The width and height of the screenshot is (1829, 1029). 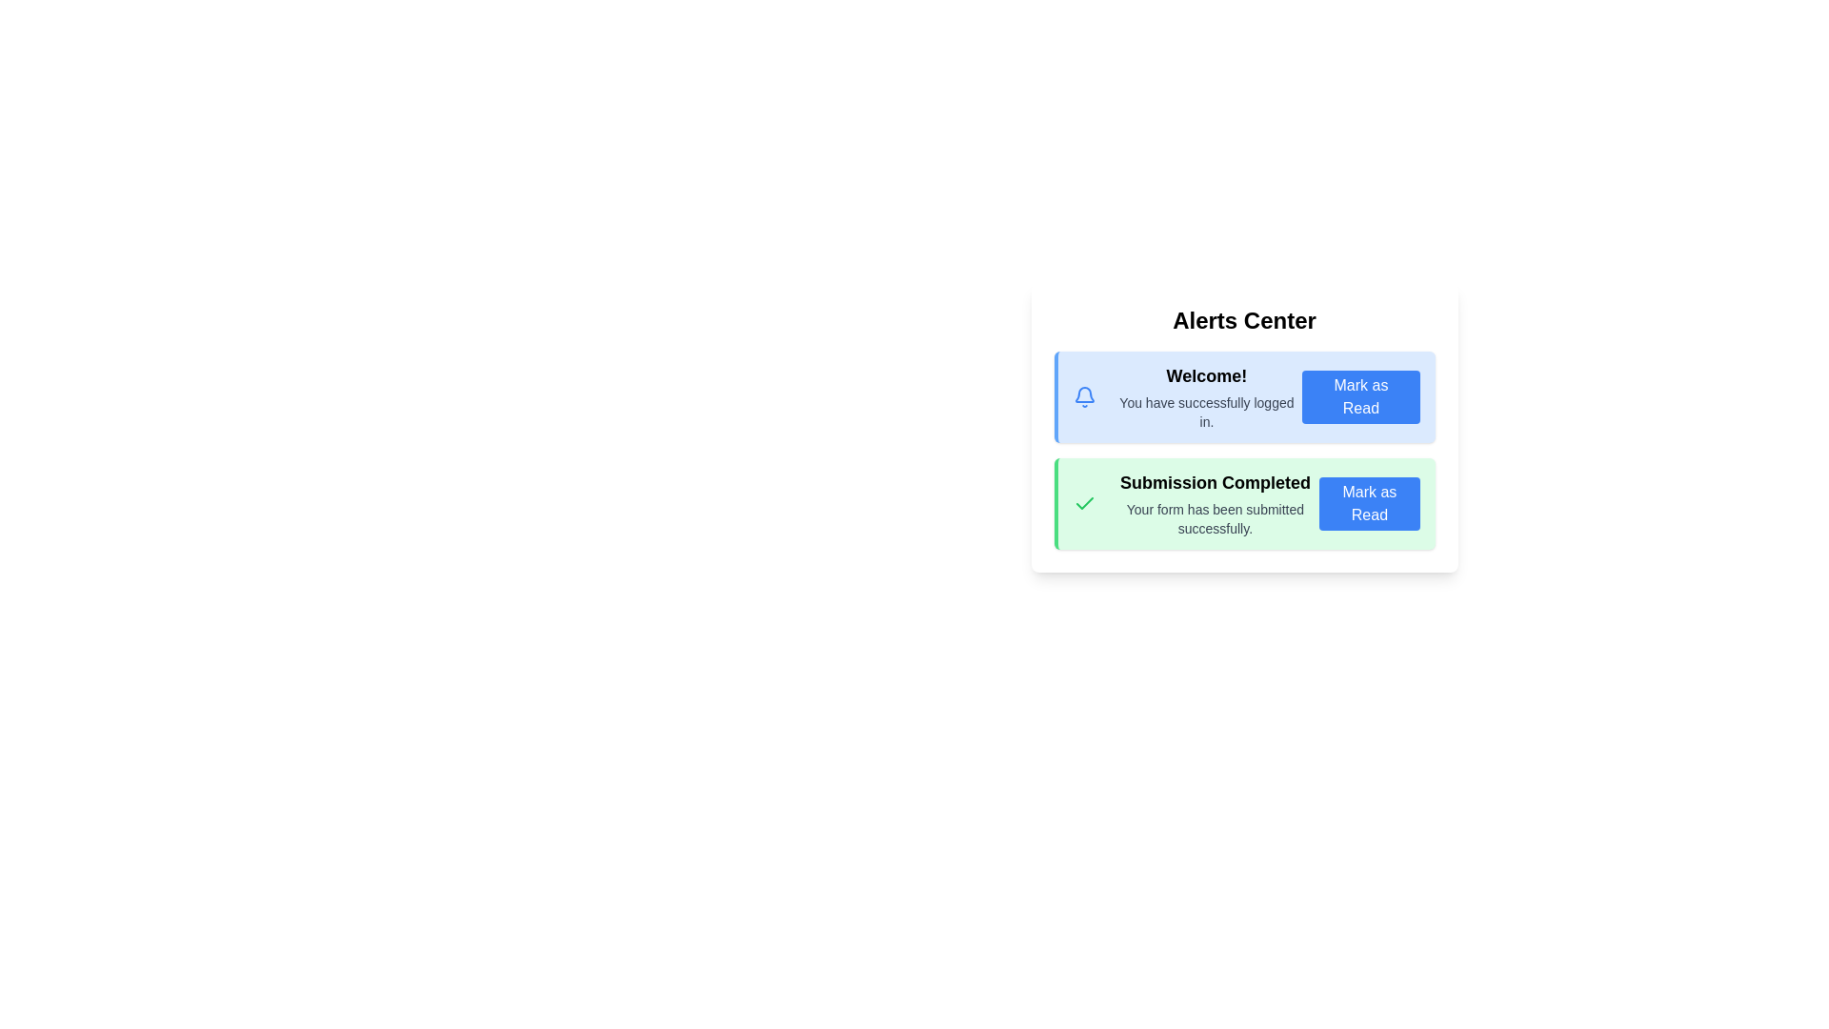 I want to click on the Text heading element that serves as the title for the notification card in the Alerts Center interface, which is located above the text 'You have successfully logged in.', so click(x=1206, y=375).